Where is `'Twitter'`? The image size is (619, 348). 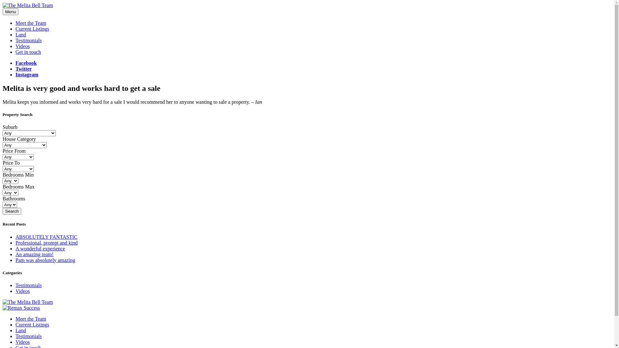 'Twitter' is located at coordinates (23, 69).